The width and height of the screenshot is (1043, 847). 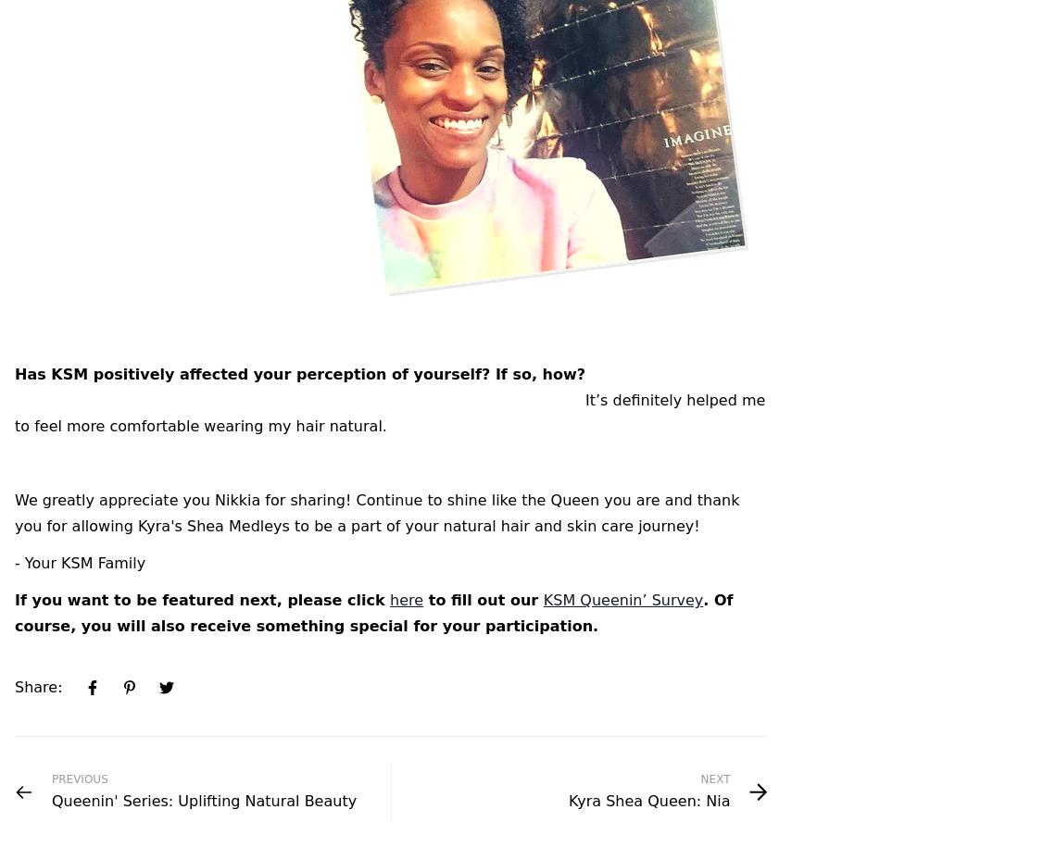 I want to click on 'KSM Queenin’ Survey', so click(x=622, y=600).